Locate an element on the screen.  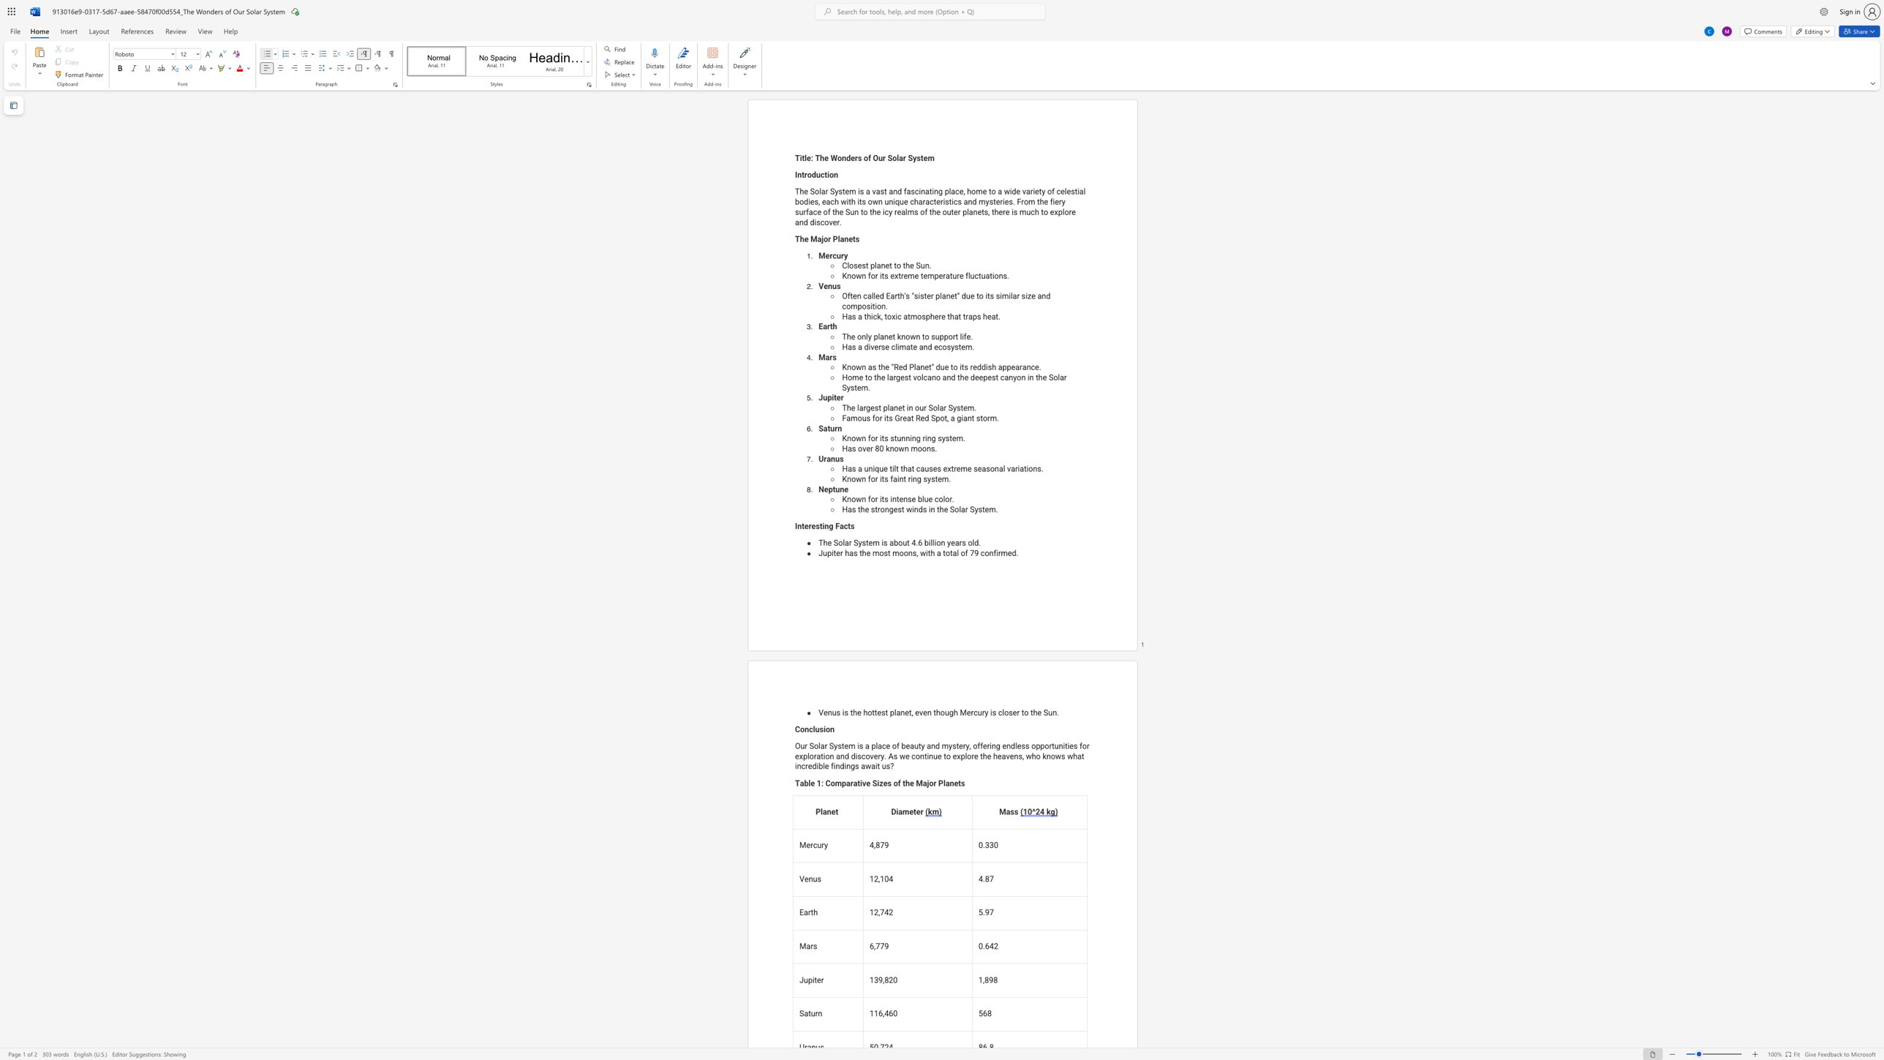
the 1th character "i" in the text is located at coordinates (881, 437).